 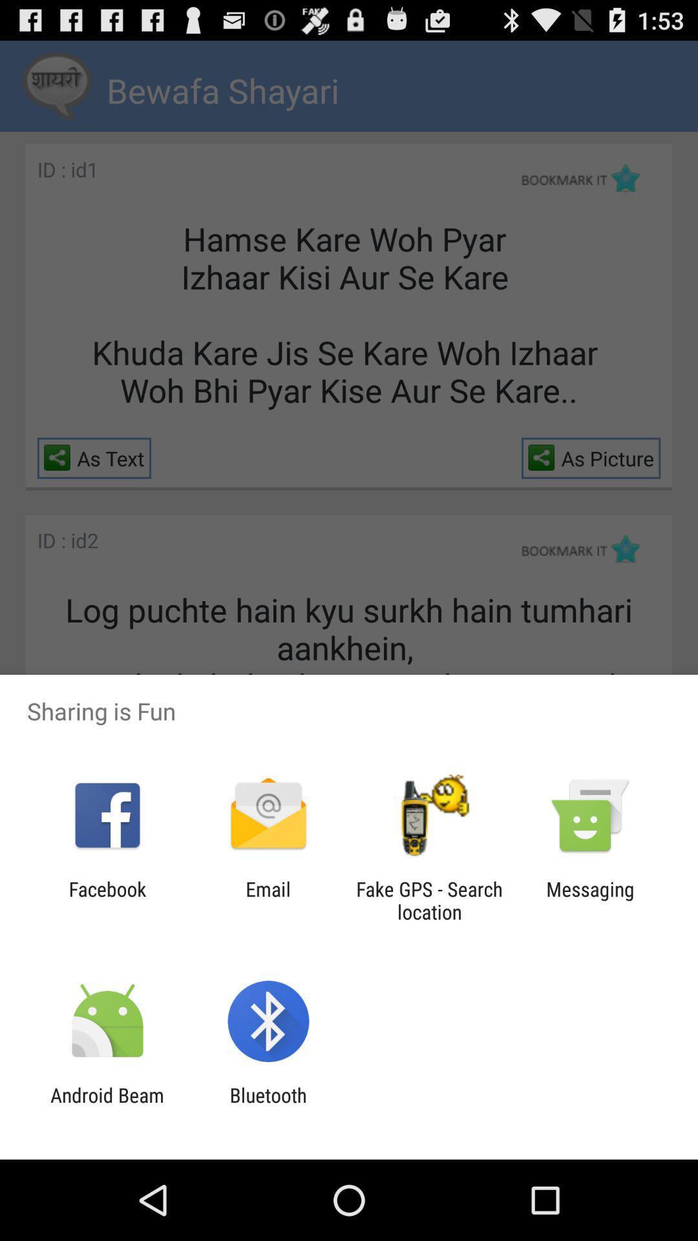 I want to click on messaging, so click(x=590, y=900).